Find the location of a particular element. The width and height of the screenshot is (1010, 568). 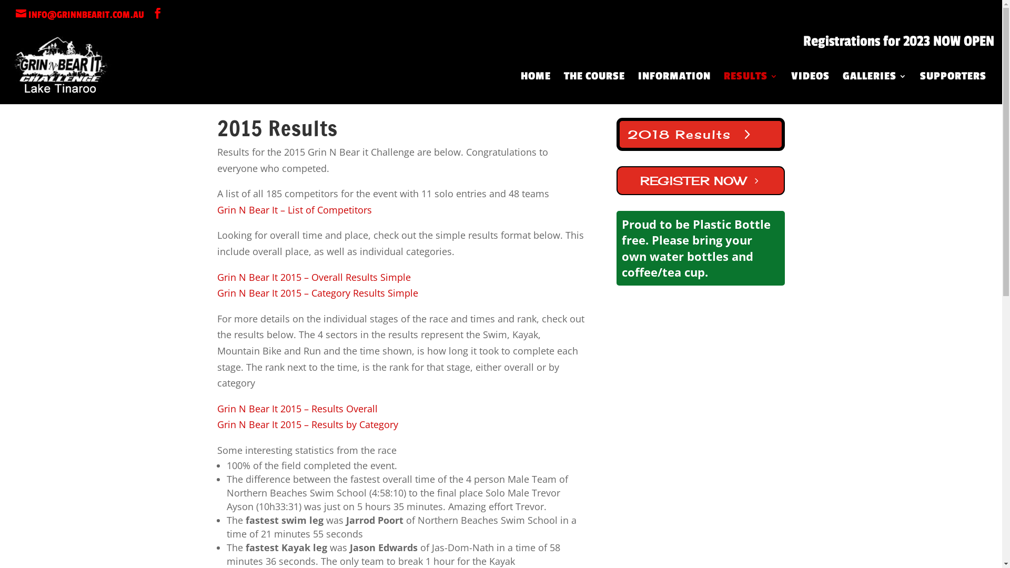

'INFORMATION' is located at coordinates (674, 88).